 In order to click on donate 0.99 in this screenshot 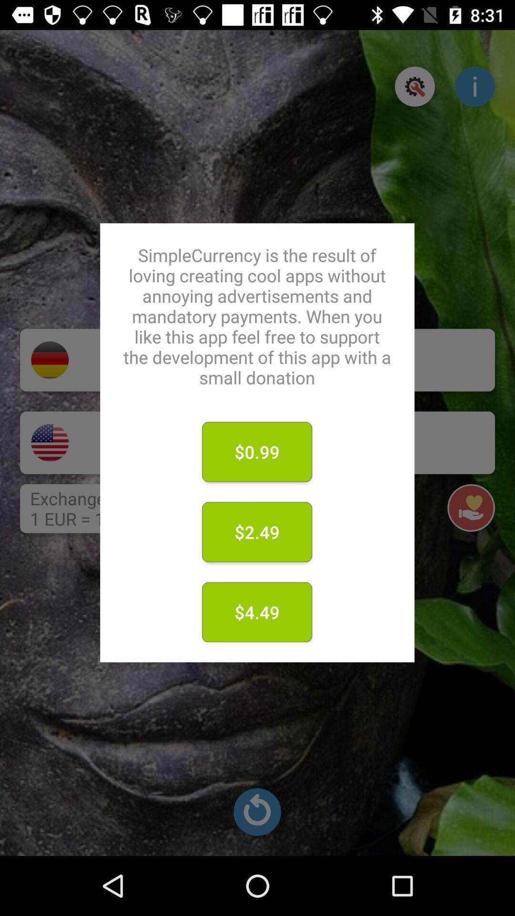, I will do `click(278, 442)`.